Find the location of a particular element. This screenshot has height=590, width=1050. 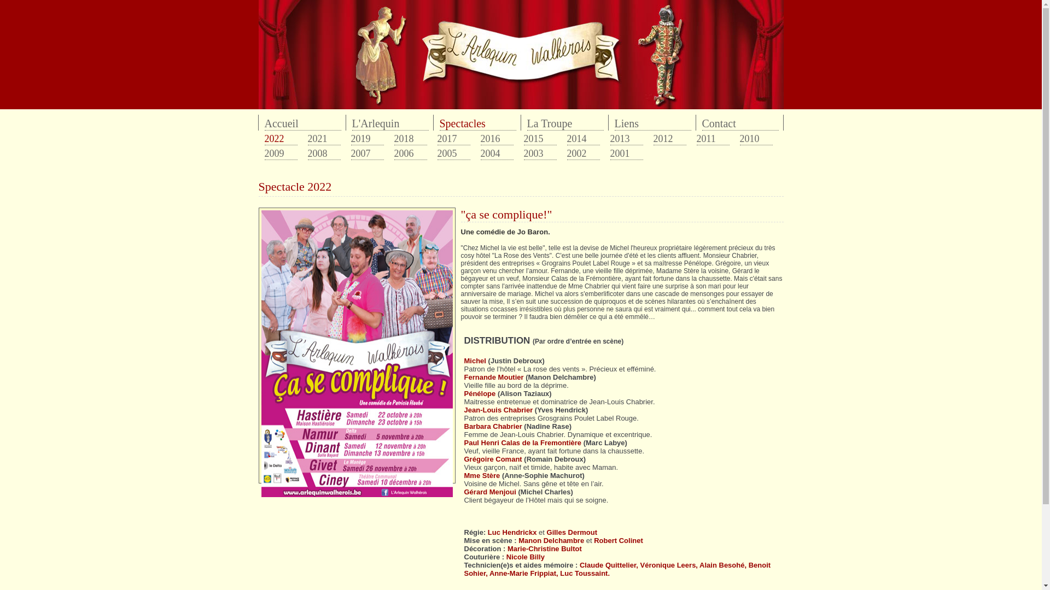

'2002' is located at coordinates (567, 154).